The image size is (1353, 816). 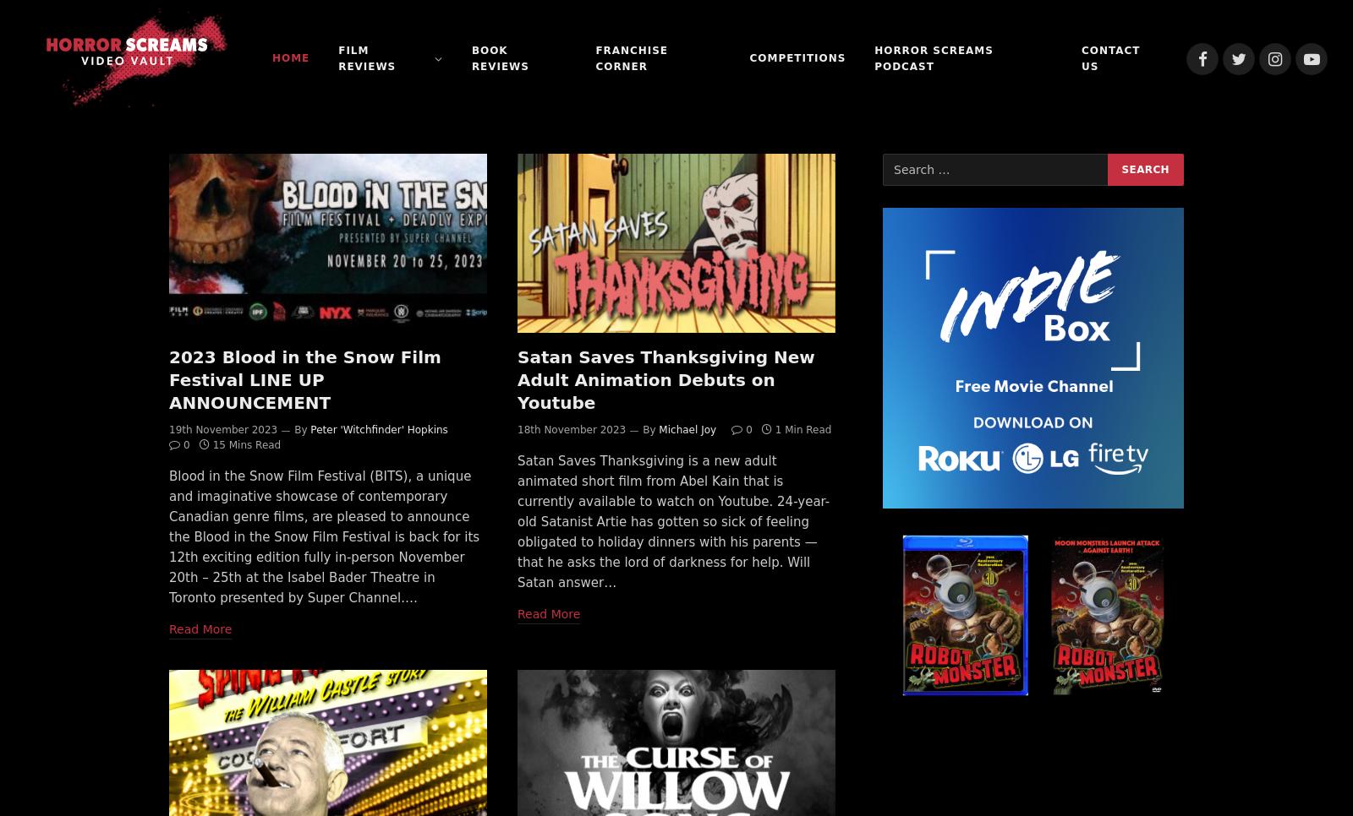 I want to click on '1 Min Read', so click(x=802, y=428).